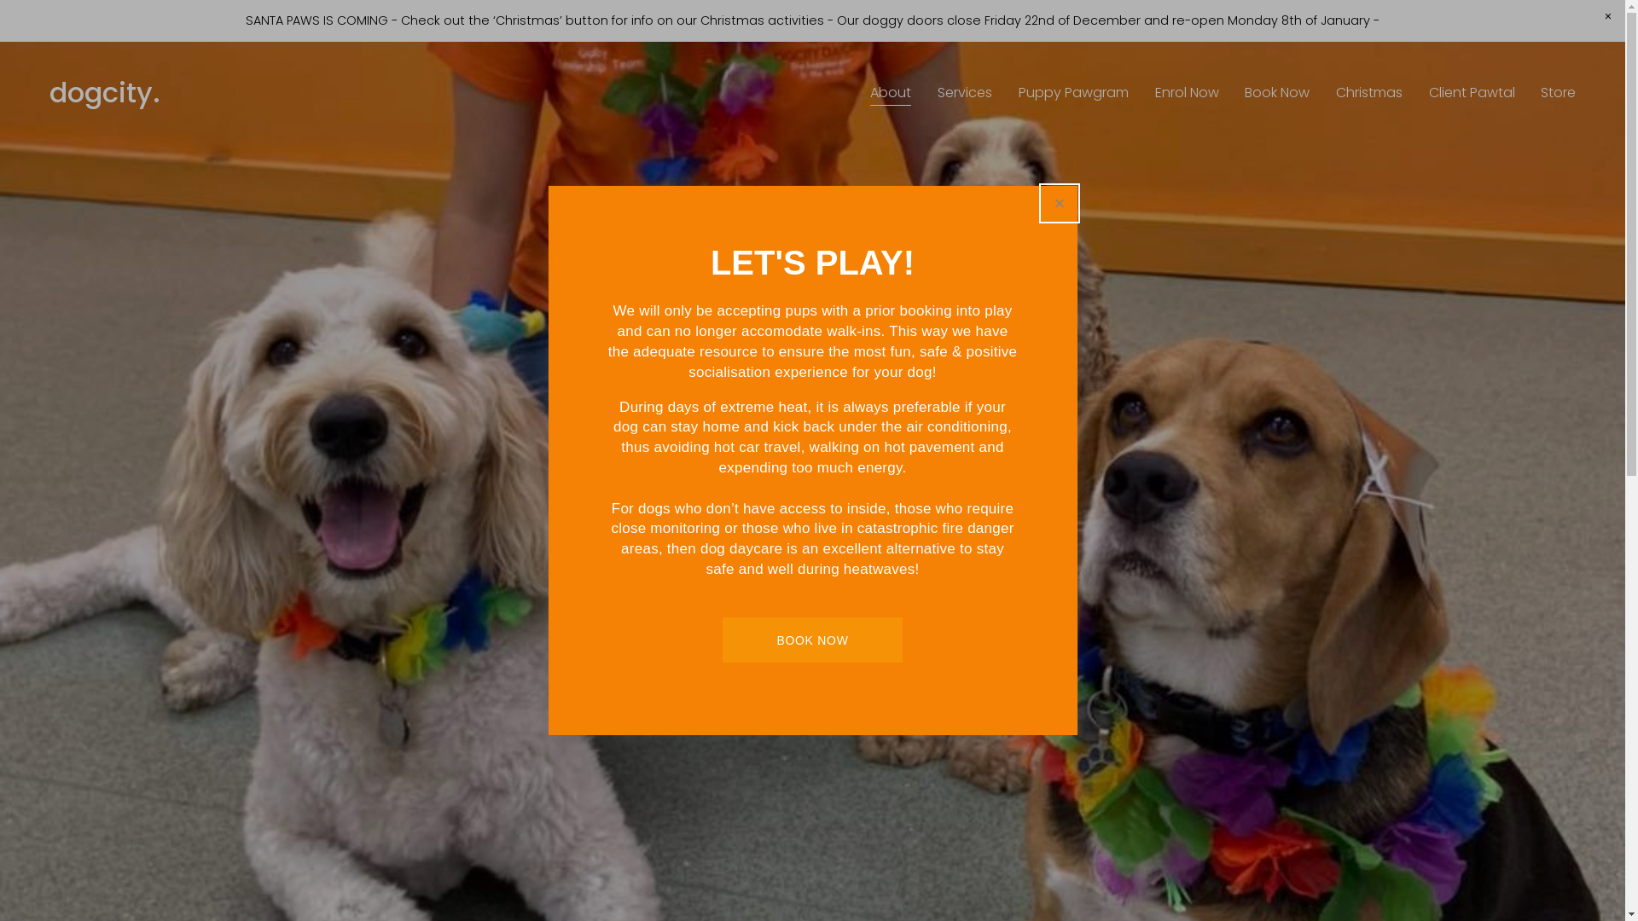 Image resolution: width=1638 pixels, height=921 pixels. What do you see at coordinates (965, 94) in the screenshot?
I see `'Services'` at bounding box center [965, 94].